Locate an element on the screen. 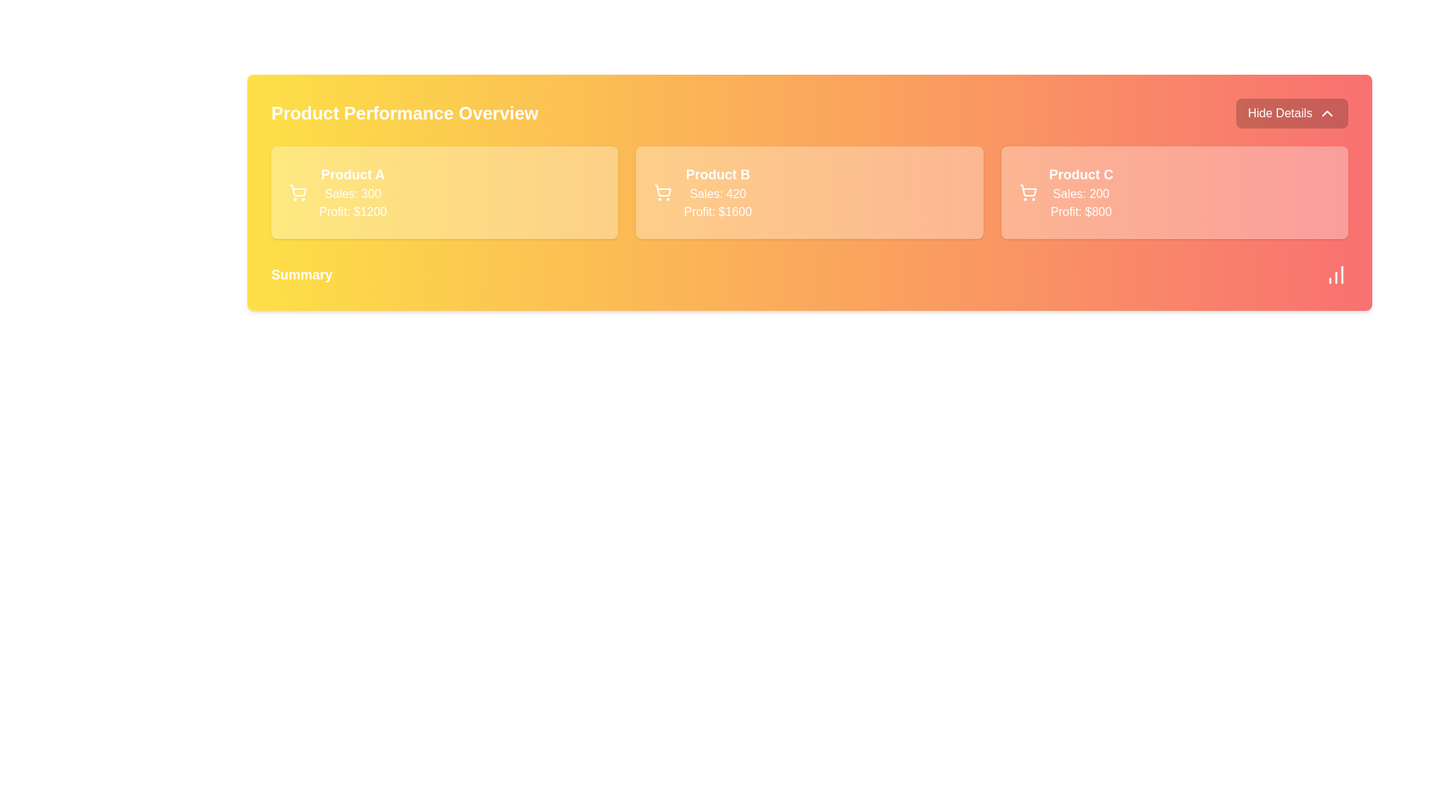 This screenshot has height=807, width=1435. the static text element displaying 'Product B' with a large bold font on a peach background, located in the center card above 'Sales: 420' and 'Profit: $1600' is located at coordinates (717, 174).